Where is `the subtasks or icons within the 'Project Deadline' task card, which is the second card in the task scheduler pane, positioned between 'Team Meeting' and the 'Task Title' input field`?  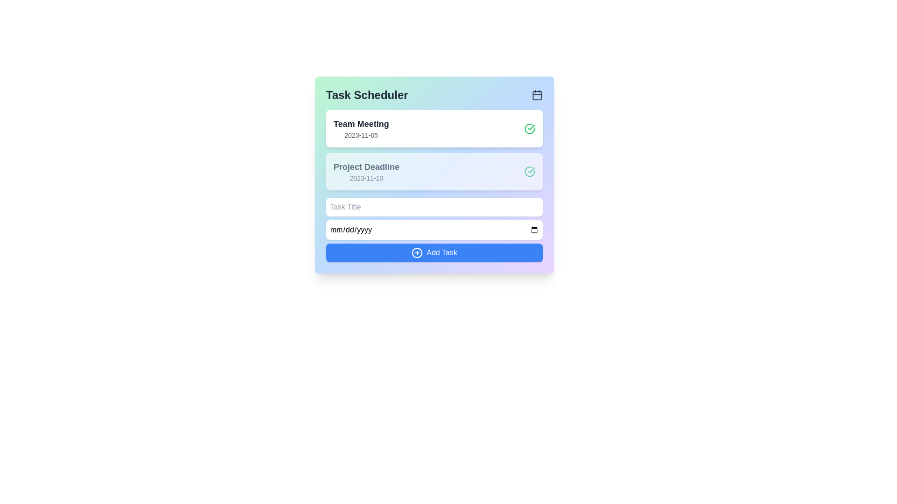
the subtasks or icons within the 'Project Deadline' task card, which is the second card in the task scheduler pane, positioned between 'Team Meeting' and the 'Task Title' input field is located at coordinates (434, 171).